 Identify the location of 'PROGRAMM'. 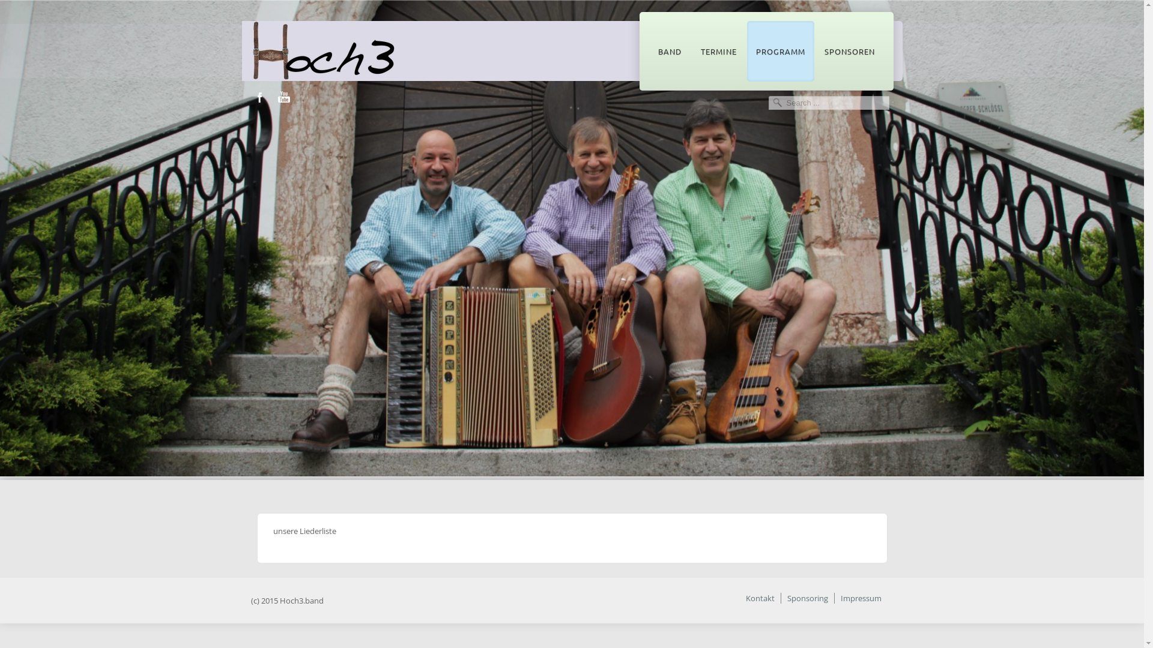
(781, 50).